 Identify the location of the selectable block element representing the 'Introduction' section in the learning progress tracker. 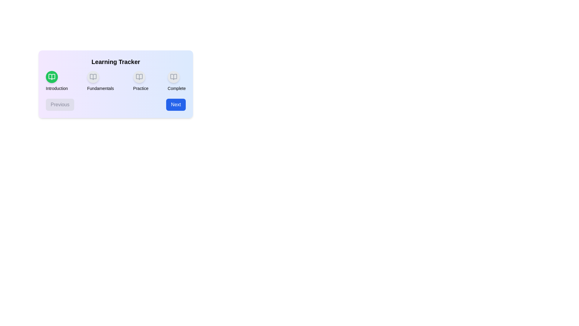
(57, 81).